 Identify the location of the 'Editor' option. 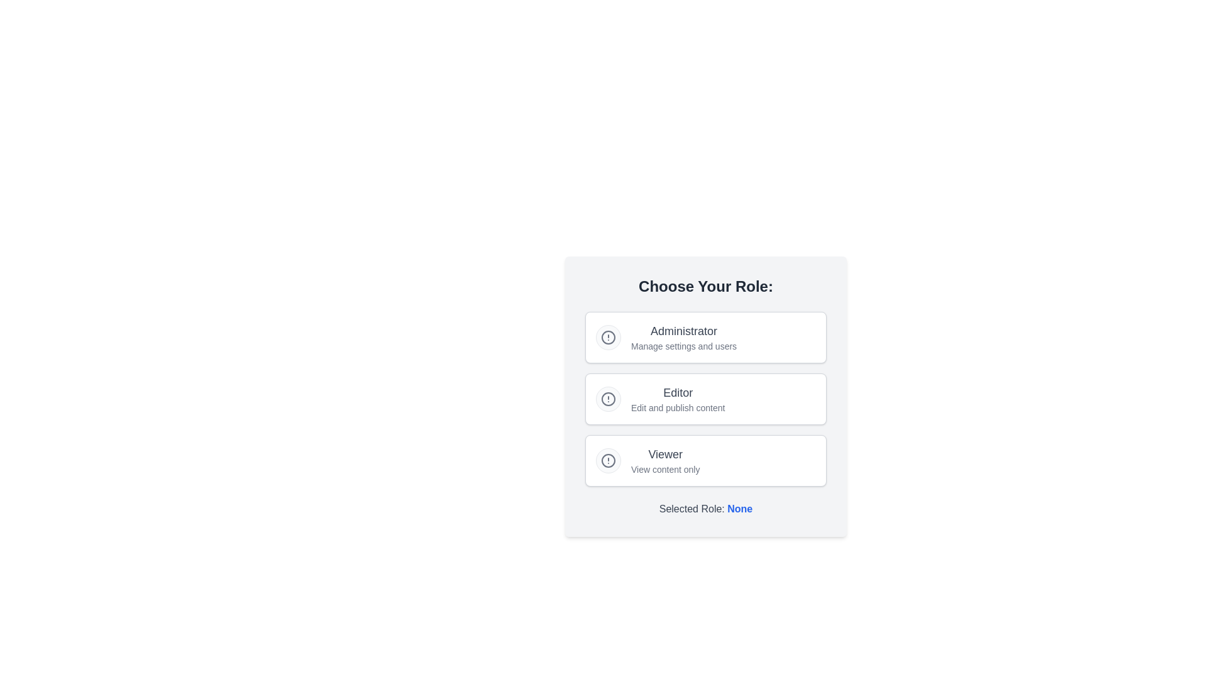
(706, 397).